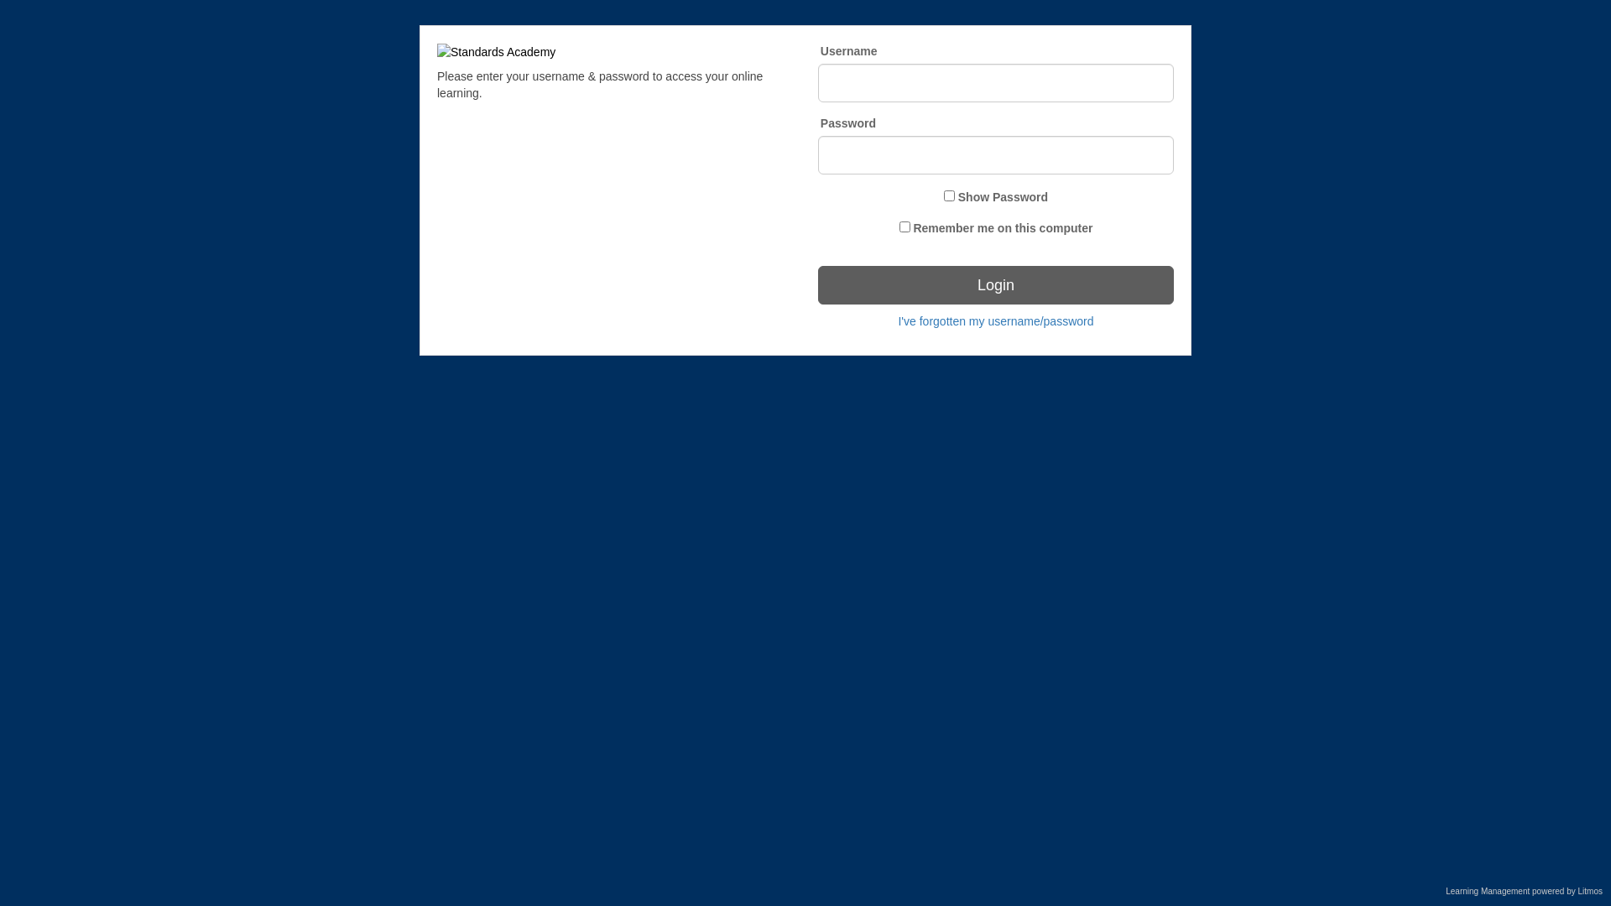  Describe the element at coordinates (995, 320) in the screenshot. I see `'I've forgotten my username/password'` at that location.